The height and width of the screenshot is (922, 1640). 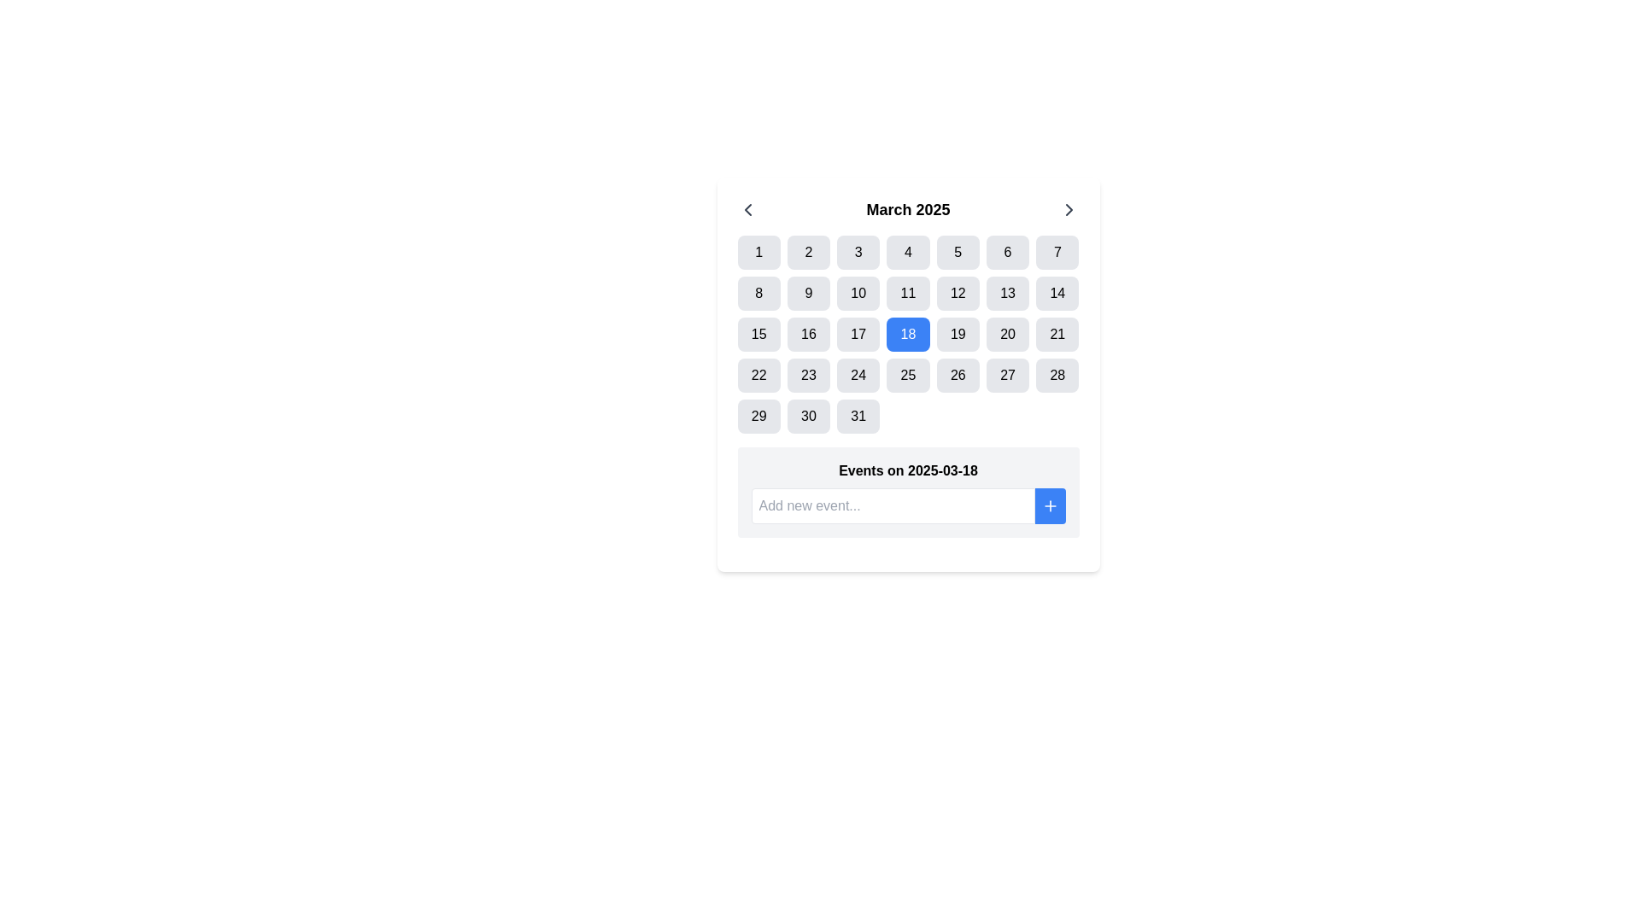 I want to click on the button representing the date '26', so click(x=958, y=374).